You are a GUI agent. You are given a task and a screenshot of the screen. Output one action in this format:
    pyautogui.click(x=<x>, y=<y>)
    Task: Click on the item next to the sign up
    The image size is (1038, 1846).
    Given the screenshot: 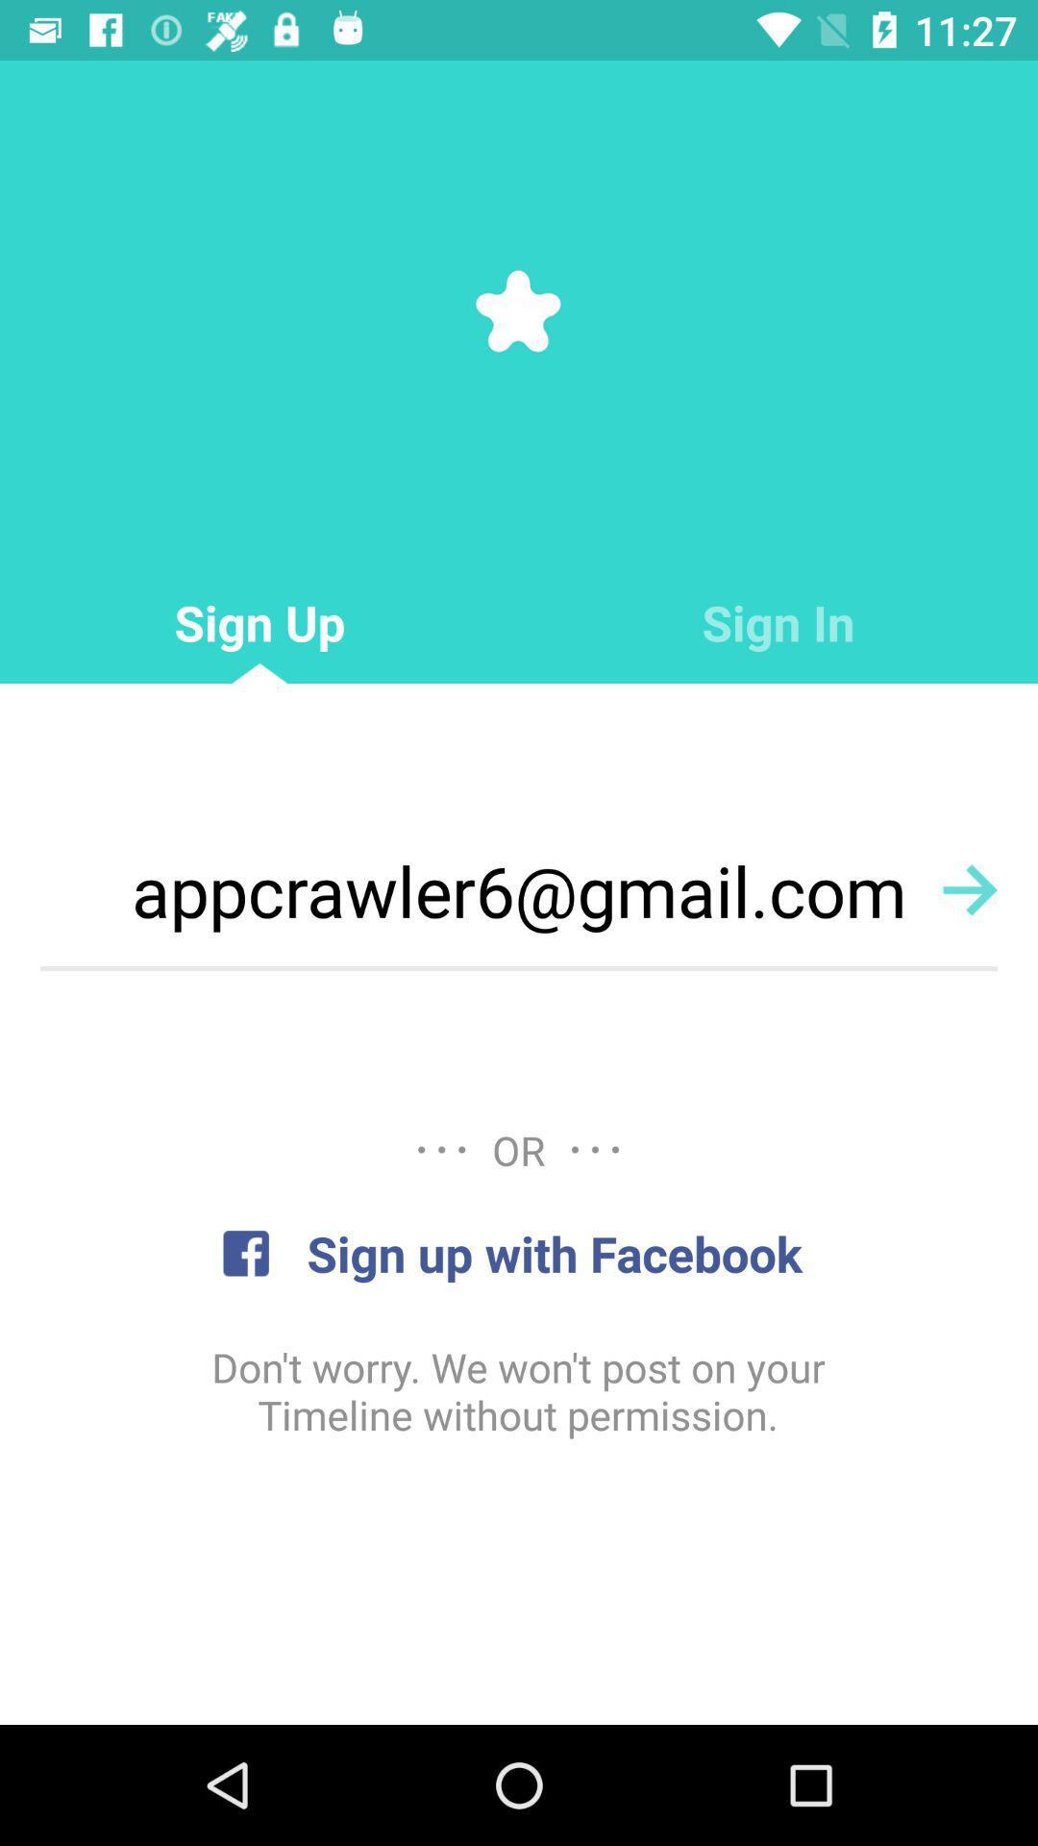 What is the action you would take?
    pyautogui.click(x=778, y=623)
    